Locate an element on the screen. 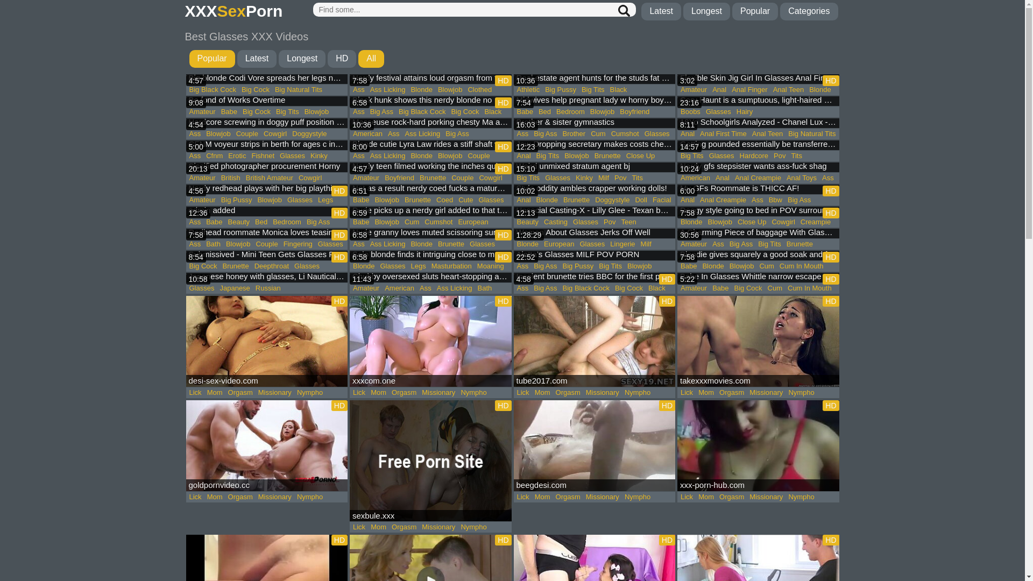  'Lick' is located at coordinates (195, 392).